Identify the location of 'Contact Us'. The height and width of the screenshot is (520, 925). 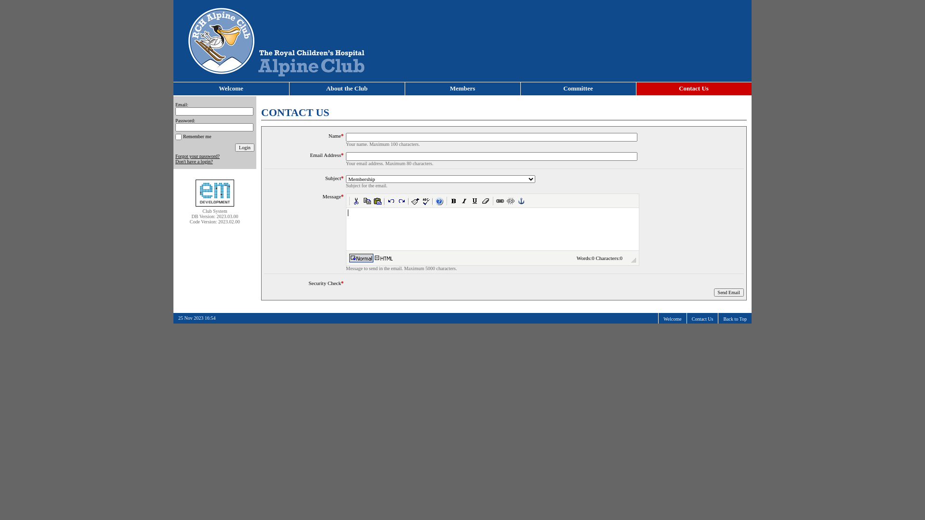
(694, 89).